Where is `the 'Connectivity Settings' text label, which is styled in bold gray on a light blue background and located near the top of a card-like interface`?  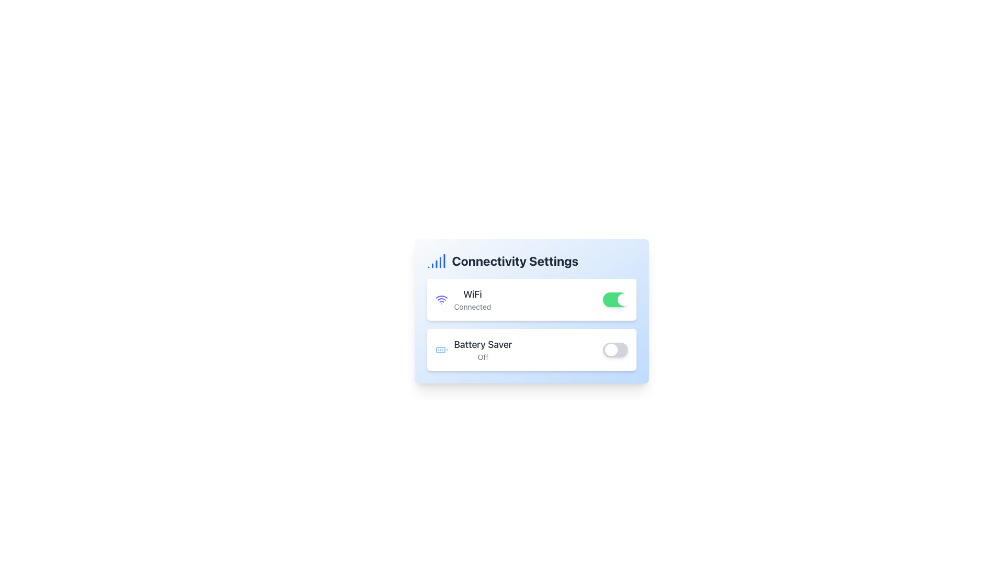 the 'Connectivity Settings' text label, which is styled in bold gray on a light blue background and located near the top of a card-like interface is located at coordinates (515, 260).